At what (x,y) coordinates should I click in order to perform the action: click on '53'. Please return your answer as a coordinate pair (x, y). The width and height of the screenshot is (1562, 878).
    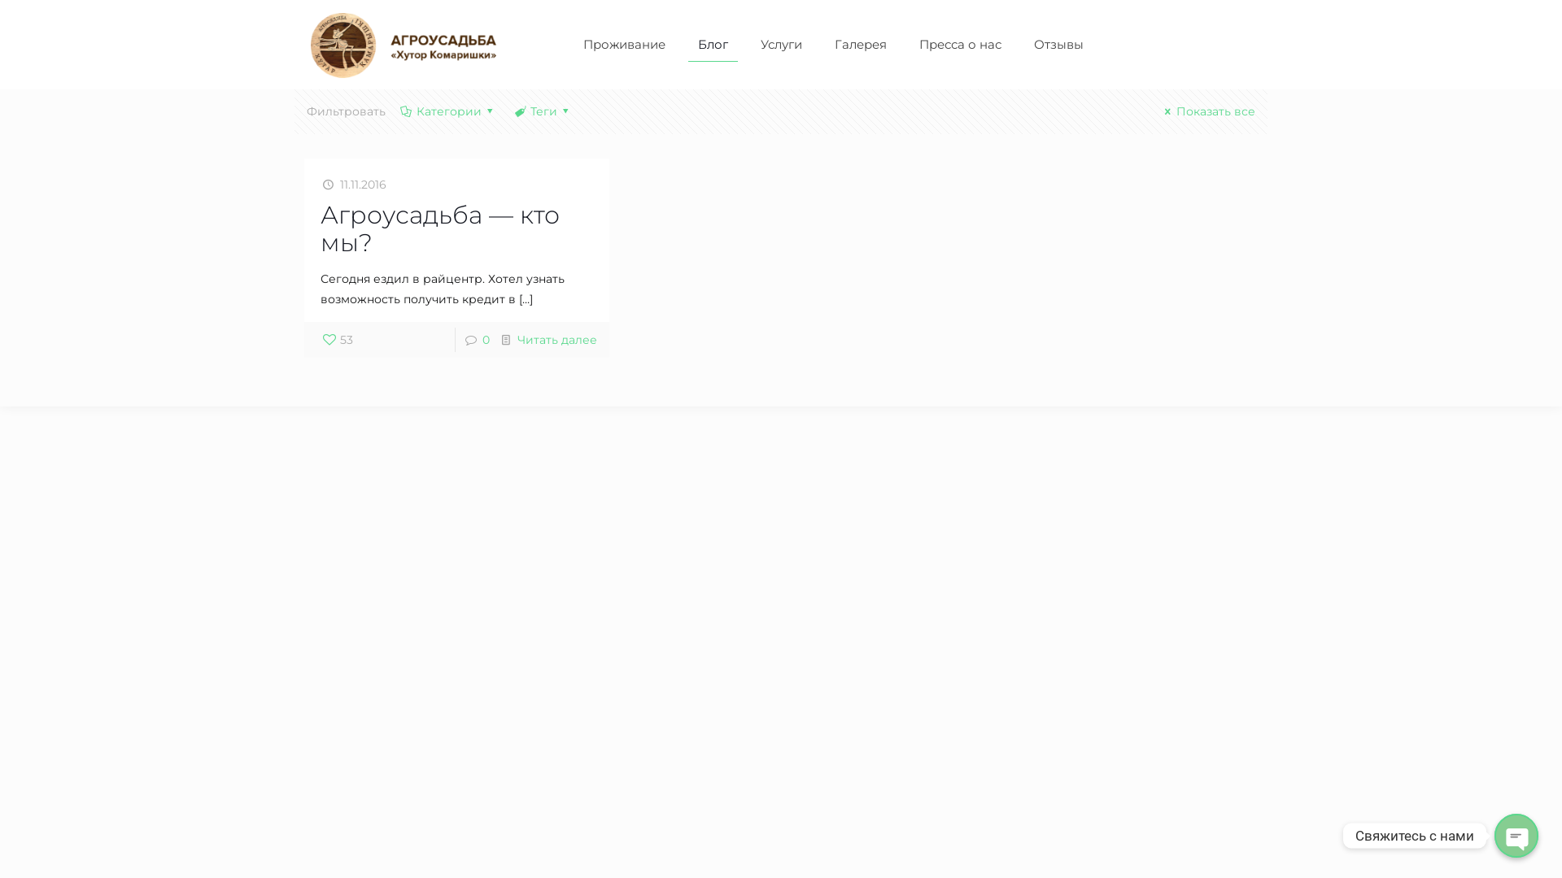
    Looking at the image, I should click on (335, 338).